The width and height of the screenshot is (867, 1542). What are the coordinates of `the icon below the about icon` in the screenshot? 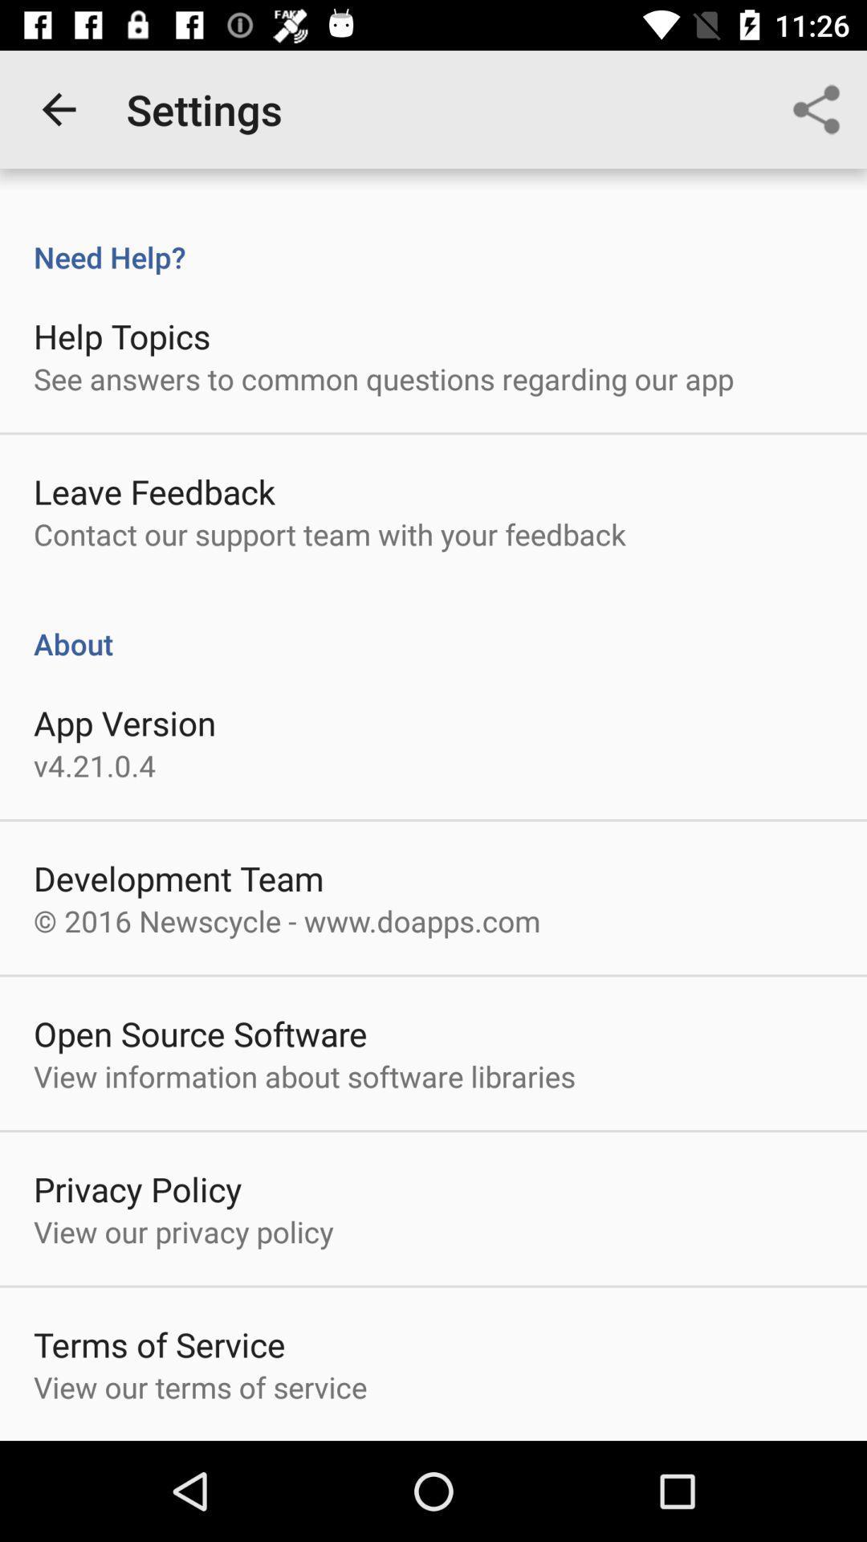 It's located at (124, 722).